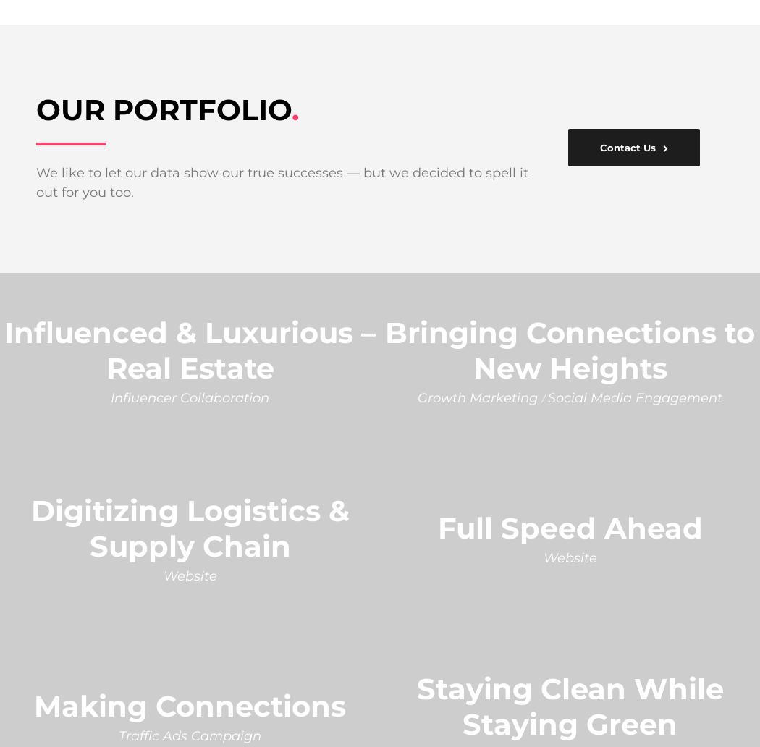 This screenshot has width=760, height=747. I want to click on 'OUR PORTFOLIO', so click(35, 109).